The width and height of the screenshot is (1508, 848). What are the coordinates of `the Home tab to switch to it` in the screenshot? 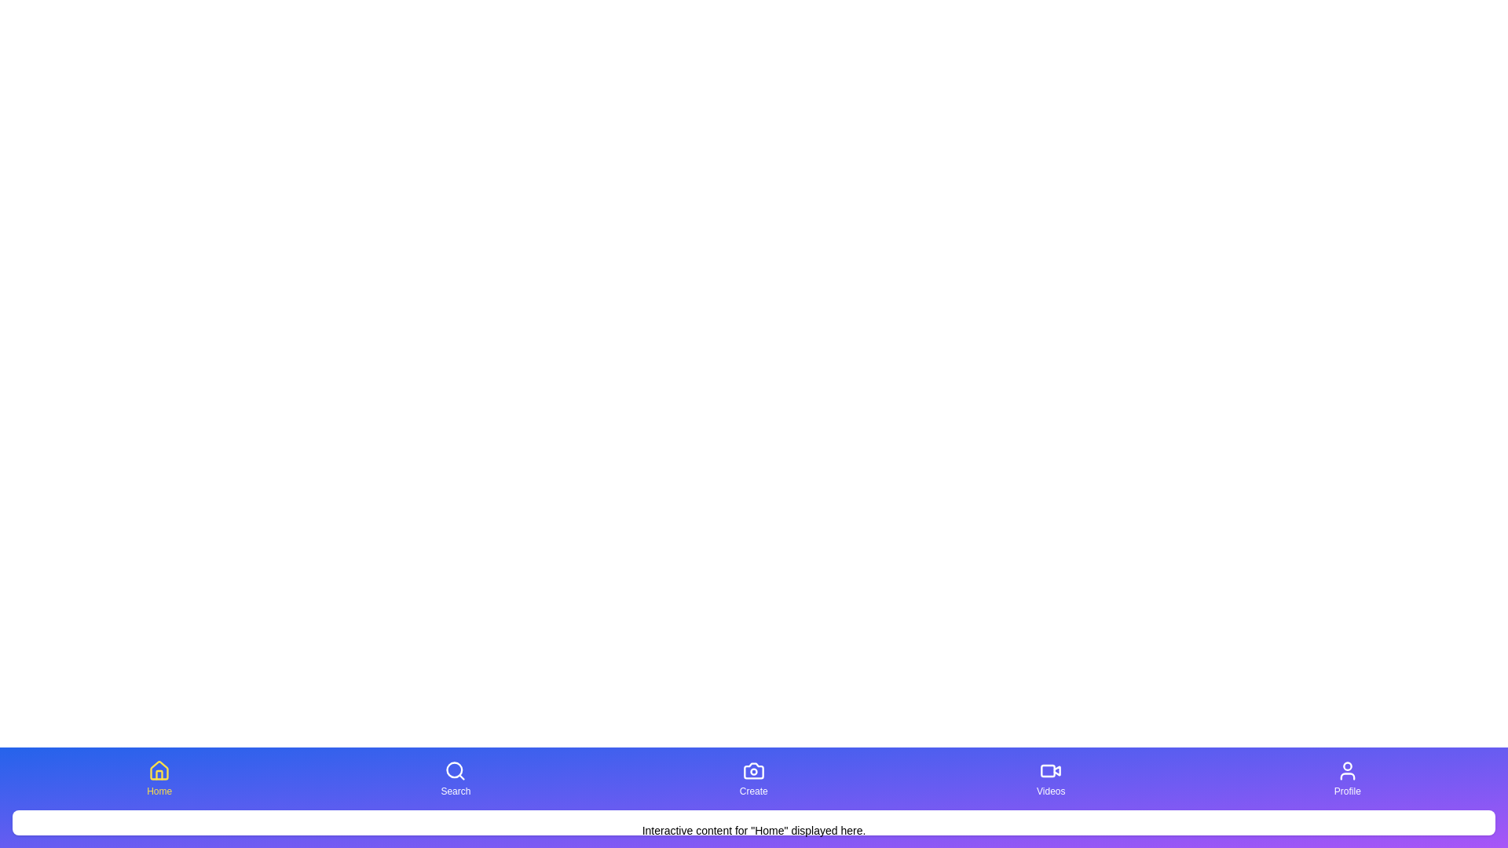 It's located at (159, 778).